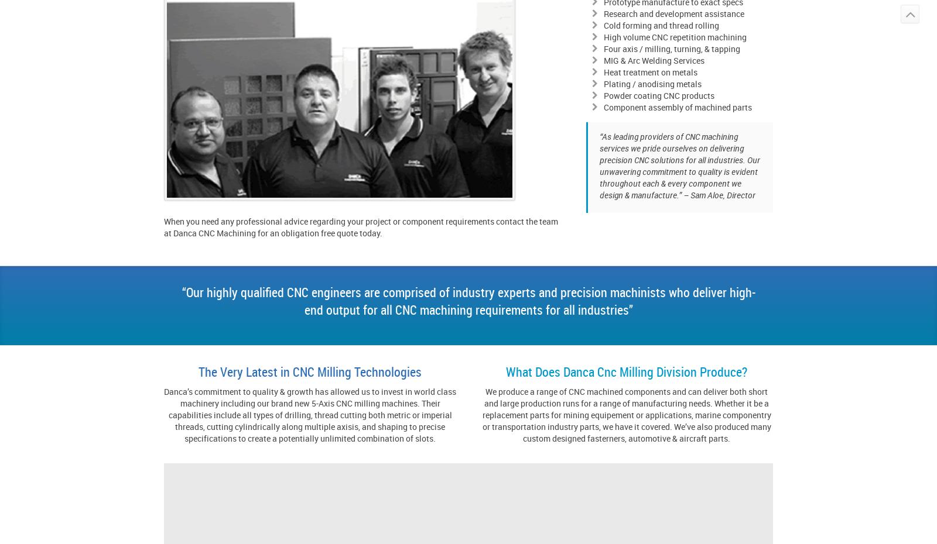 This screenshot has width=937, height=544. Describe the element at coordinates (626, 415) in the screenshot. I see `'We produce a range of CNC machined components and can deliver both short and large production runs for a range of manufacturing needs. Whether it be a replacement parts for mining equipement or applications, marine componentry or transportation industry parts, we have it covered. We’ve also produced many custom designed fasterners, automotive & aircraft parts.'` at that location.